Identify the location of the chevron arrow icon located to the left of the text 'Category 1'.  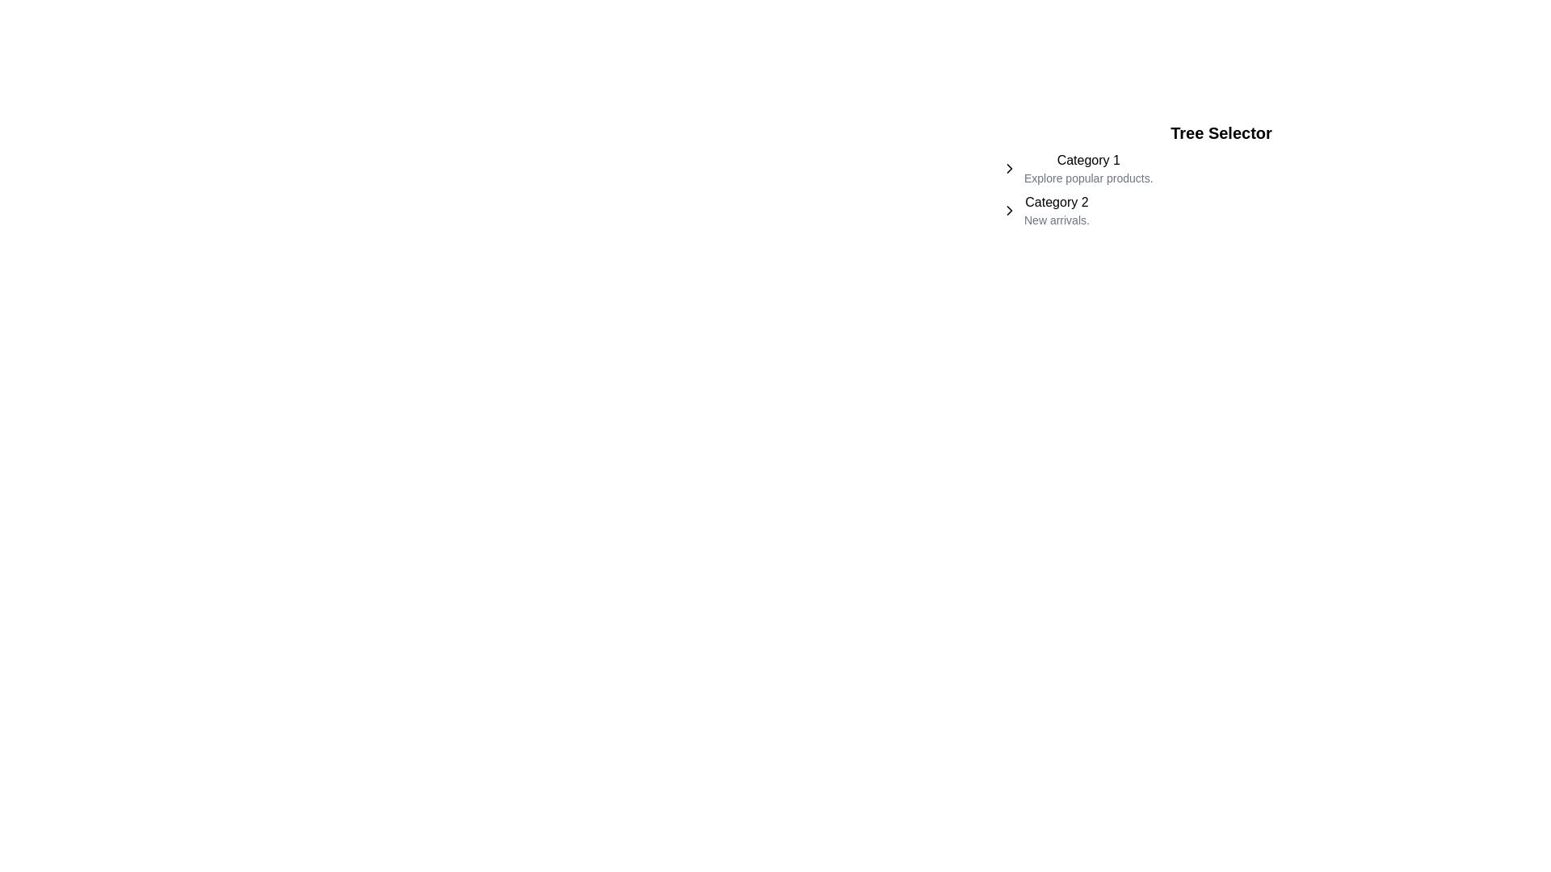
(1008, 168).